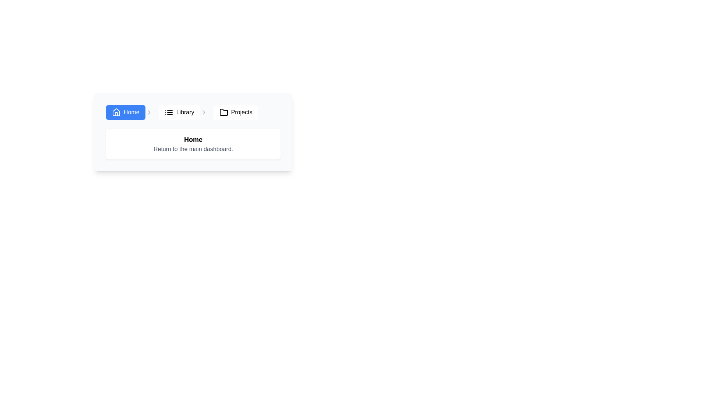 Image resolution: width=707 pixels, height=397 pixels. I want to click on the chevron icon in the breadcrumb navigation that indicates the transition from 'Home' to 'Library', so click(148, 112).